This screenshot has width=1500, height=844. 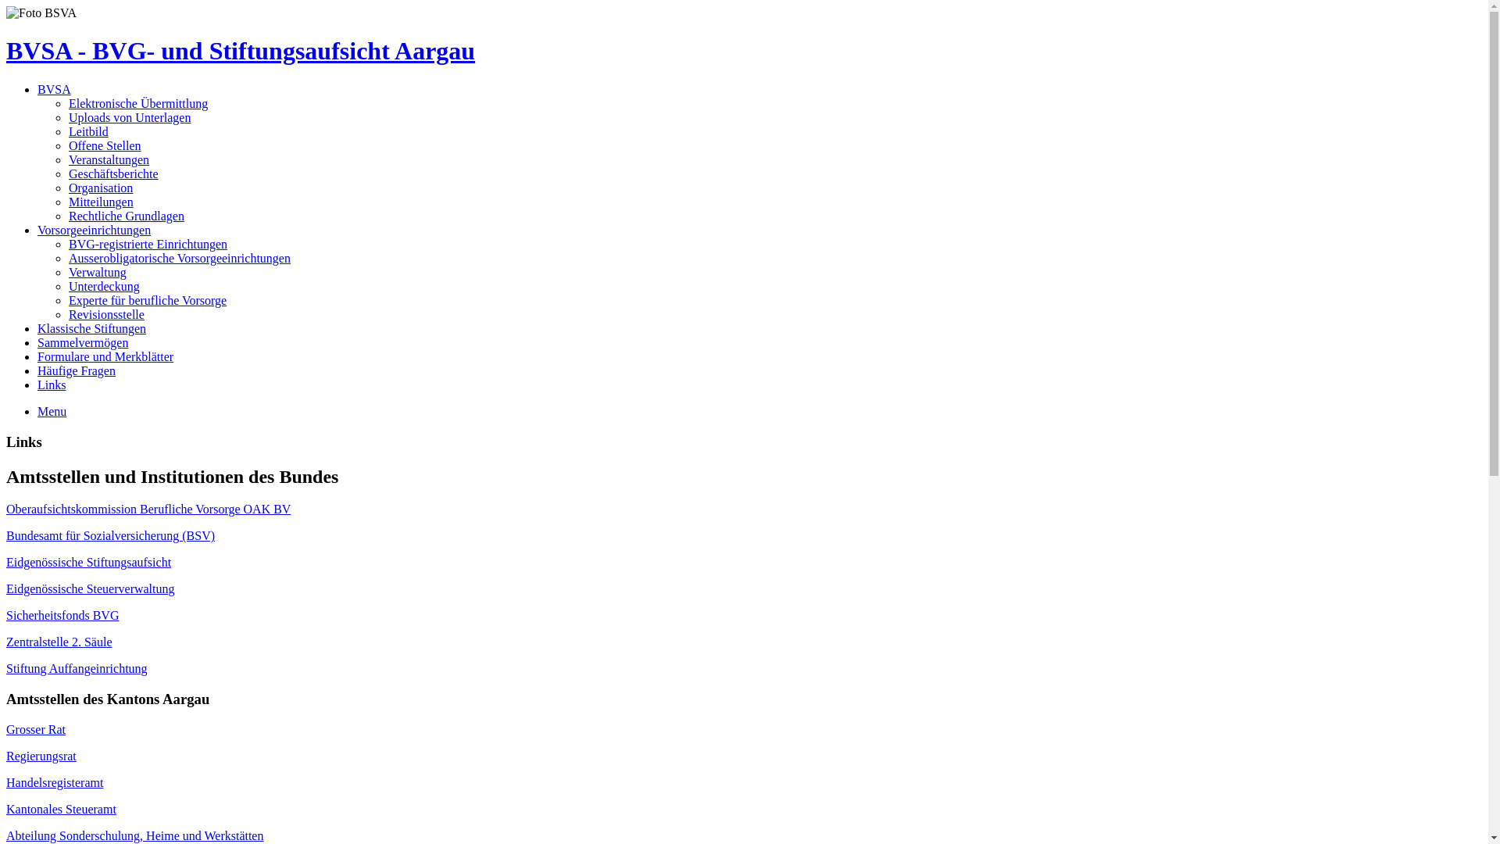 What do you see at coordinates (148, 244) in the screenshot?
I see `'BVG-registrierte Einrichtungen'` at bounding box center [148, 244].